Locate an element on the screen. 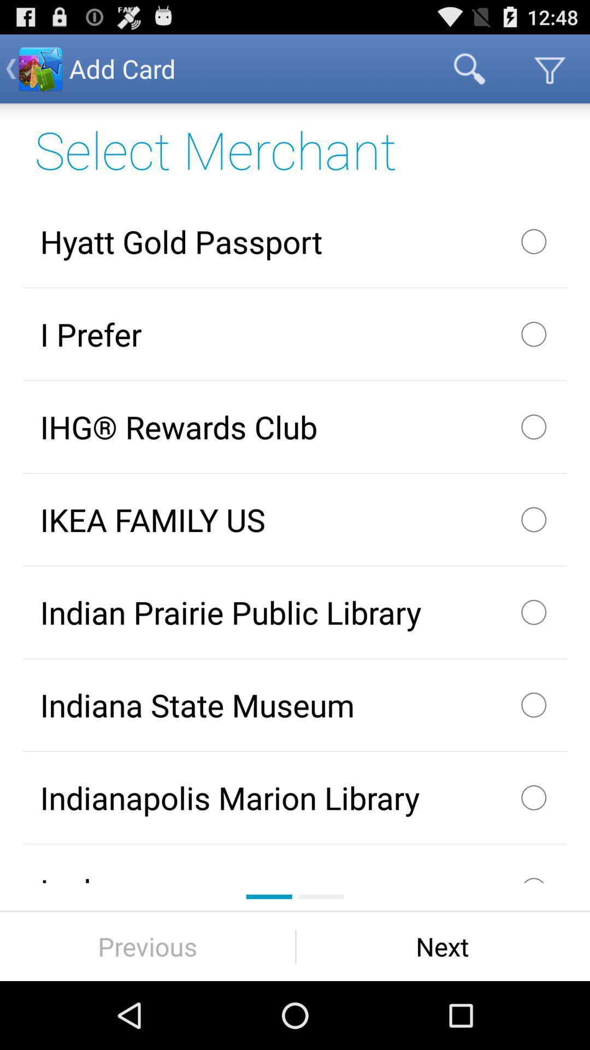  item below the ikea family us checkbox is located at coordinates (295, 611).